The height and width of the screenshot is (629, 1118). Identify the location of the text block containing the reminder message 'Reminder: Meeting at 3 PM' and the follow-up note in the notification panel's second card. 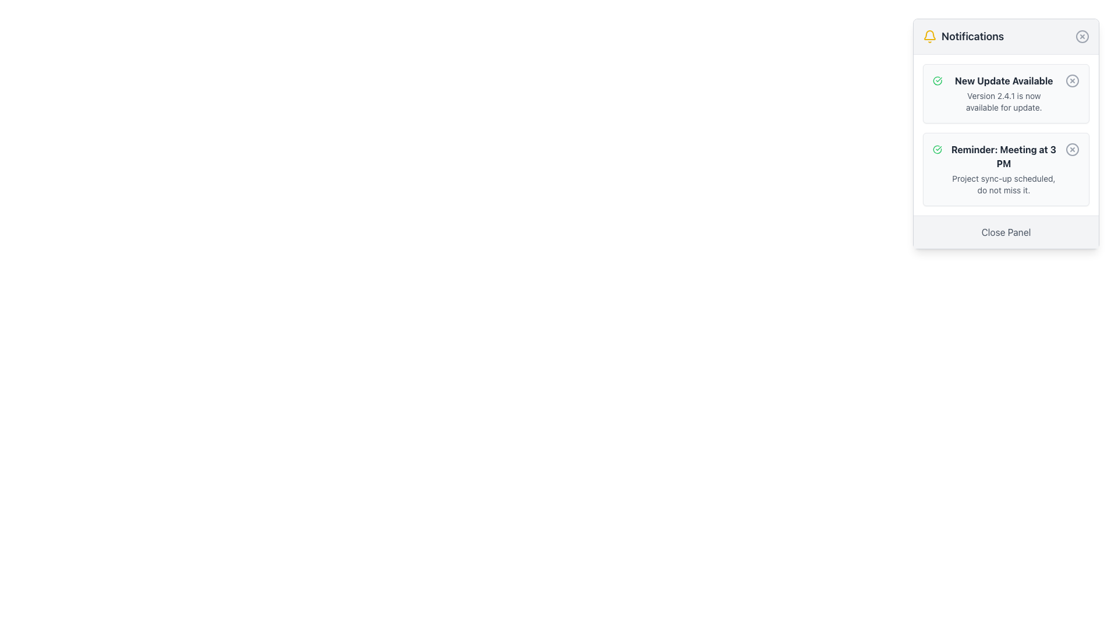
(1003, 169).